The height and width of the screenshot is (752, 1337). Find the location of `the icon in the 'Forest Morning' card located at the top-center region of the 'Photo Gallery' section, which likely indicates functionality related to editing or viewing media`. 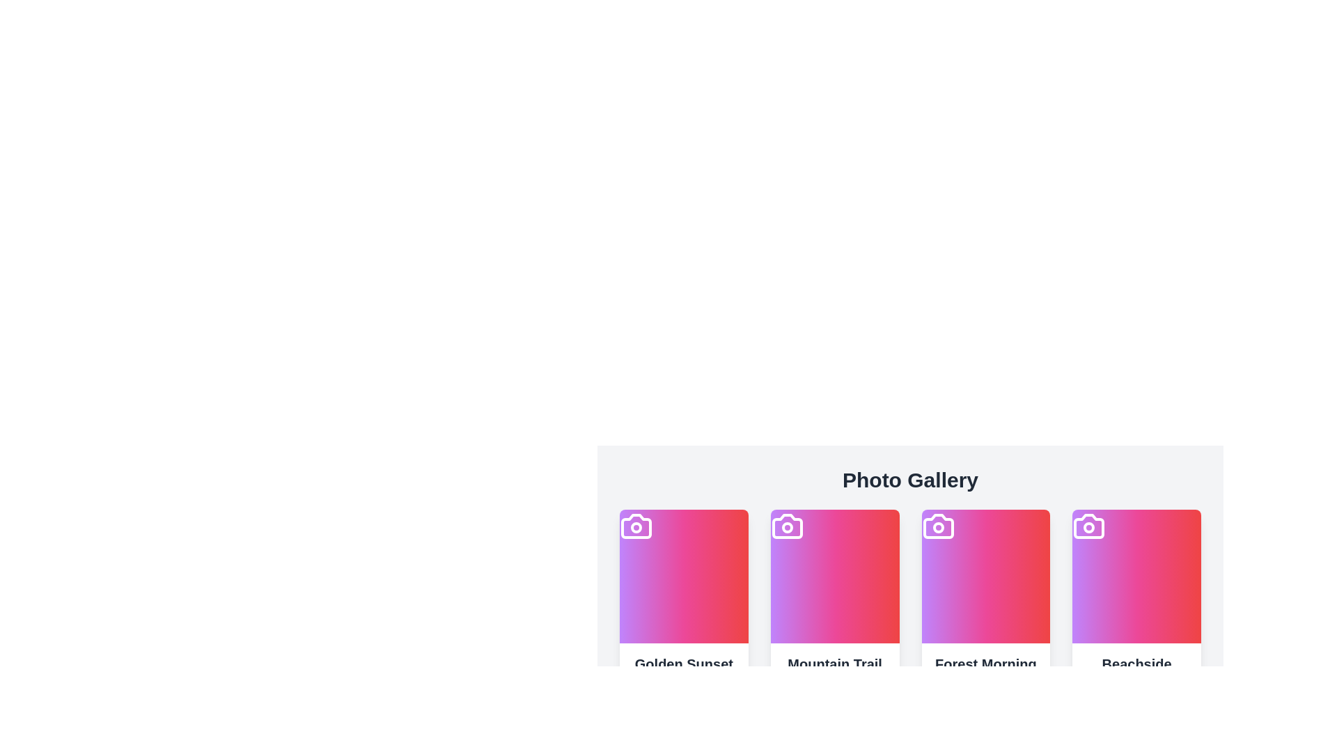

the icon in the 'Forest Morning' card located at the top-center region of the 'Photo Gallery' section, which likely indicates functionality related to editing or viewing media is located at coordinates (938, 526).